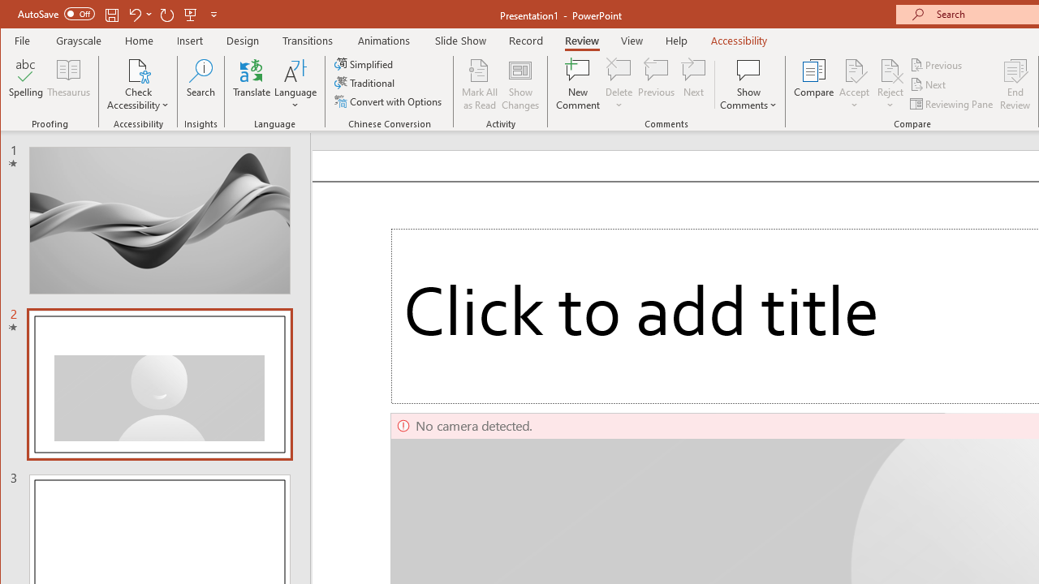 The width and height of the screenshot is (1039, 584). Describe the element at coordinates (748, 69) in the screenshot. I see `'Show Comments'` at that location.